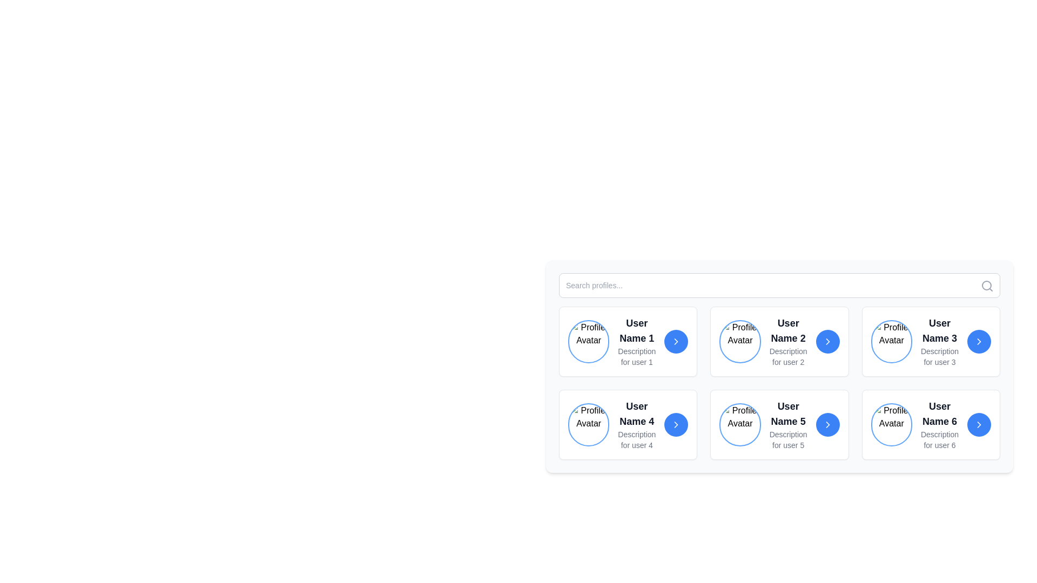 This screenshot has height=583, width=1037. What do you see at coordinates (979, 424) in the screenshot?
I see `the circular blue button with a rightward-pointing chevron icon, located at the bottom-right corner of the card representing 'User Name 6'` at bounding box center [979, 424].